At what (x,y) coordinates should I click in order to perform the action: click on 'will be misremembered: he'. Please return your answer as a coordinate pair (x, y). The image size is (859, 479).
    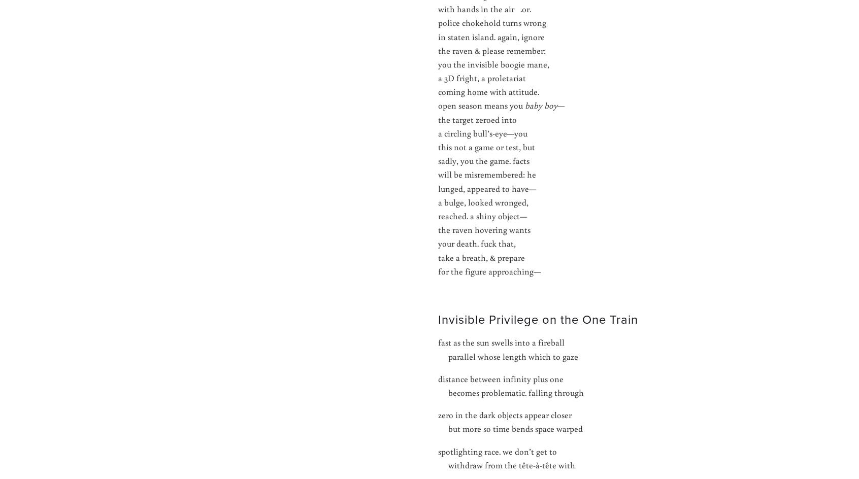
    Looking at the image, I should click on (487, 174).